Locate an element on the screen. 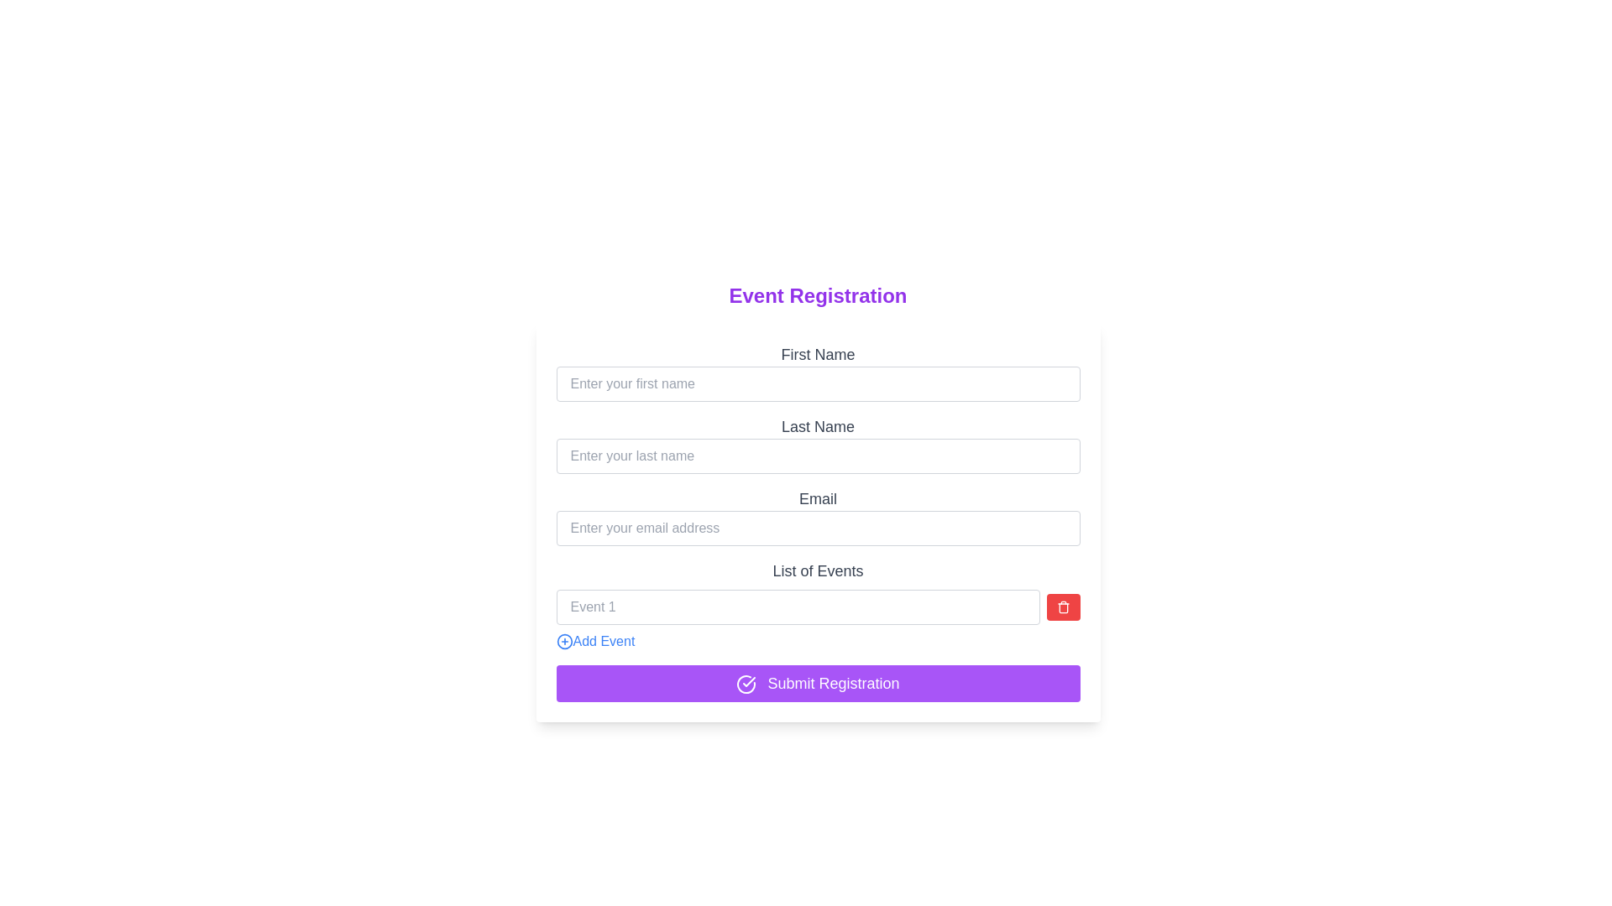  the small red rectangular button with a white trash can icon is located at coordinates (1062, 607).